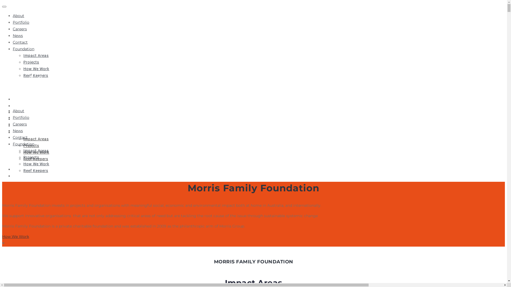 Image resolution: width=511 pixels, height=287 pixels. Describe the element at coordinates (35, 170) in the screenshot. I see `'Reef Keepers'` at that location.